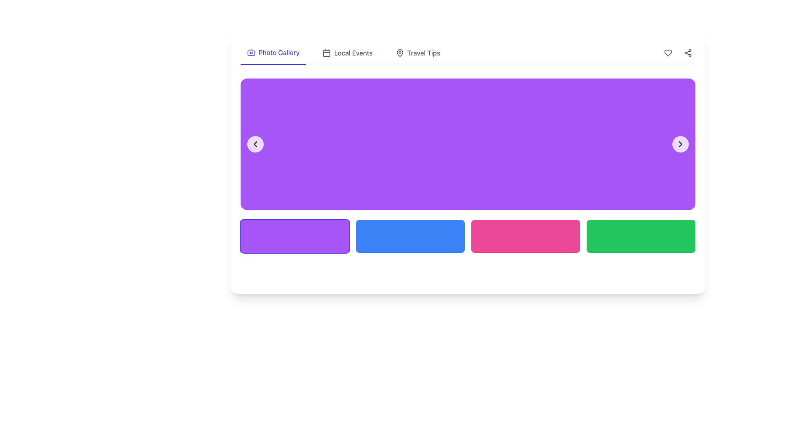  I want to click on the active navigation section, so click(279, 52).